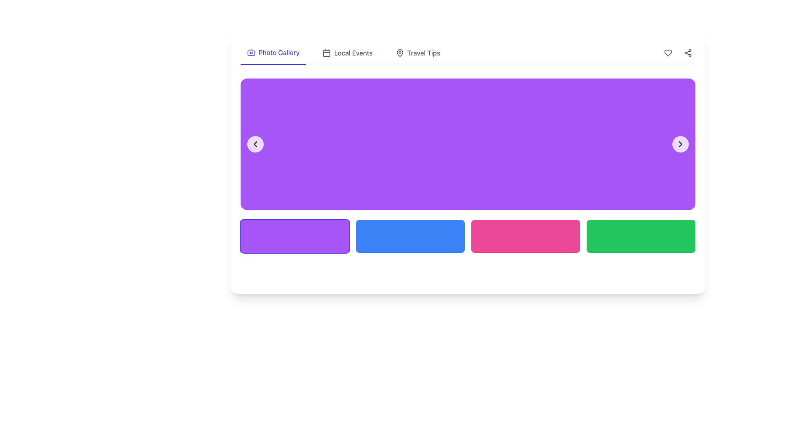  I want to click on the active navigation section, so click(279, 52).